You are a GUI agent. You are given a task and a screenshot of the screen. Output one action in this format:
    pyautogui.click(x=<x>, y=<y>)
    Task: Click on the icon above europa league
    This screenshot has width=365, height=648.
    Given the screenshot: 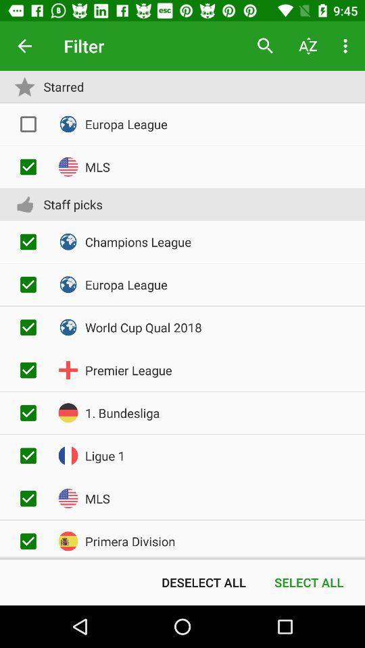 What is the action you would take?
    pyautogui.click(x=266, y=46)
    